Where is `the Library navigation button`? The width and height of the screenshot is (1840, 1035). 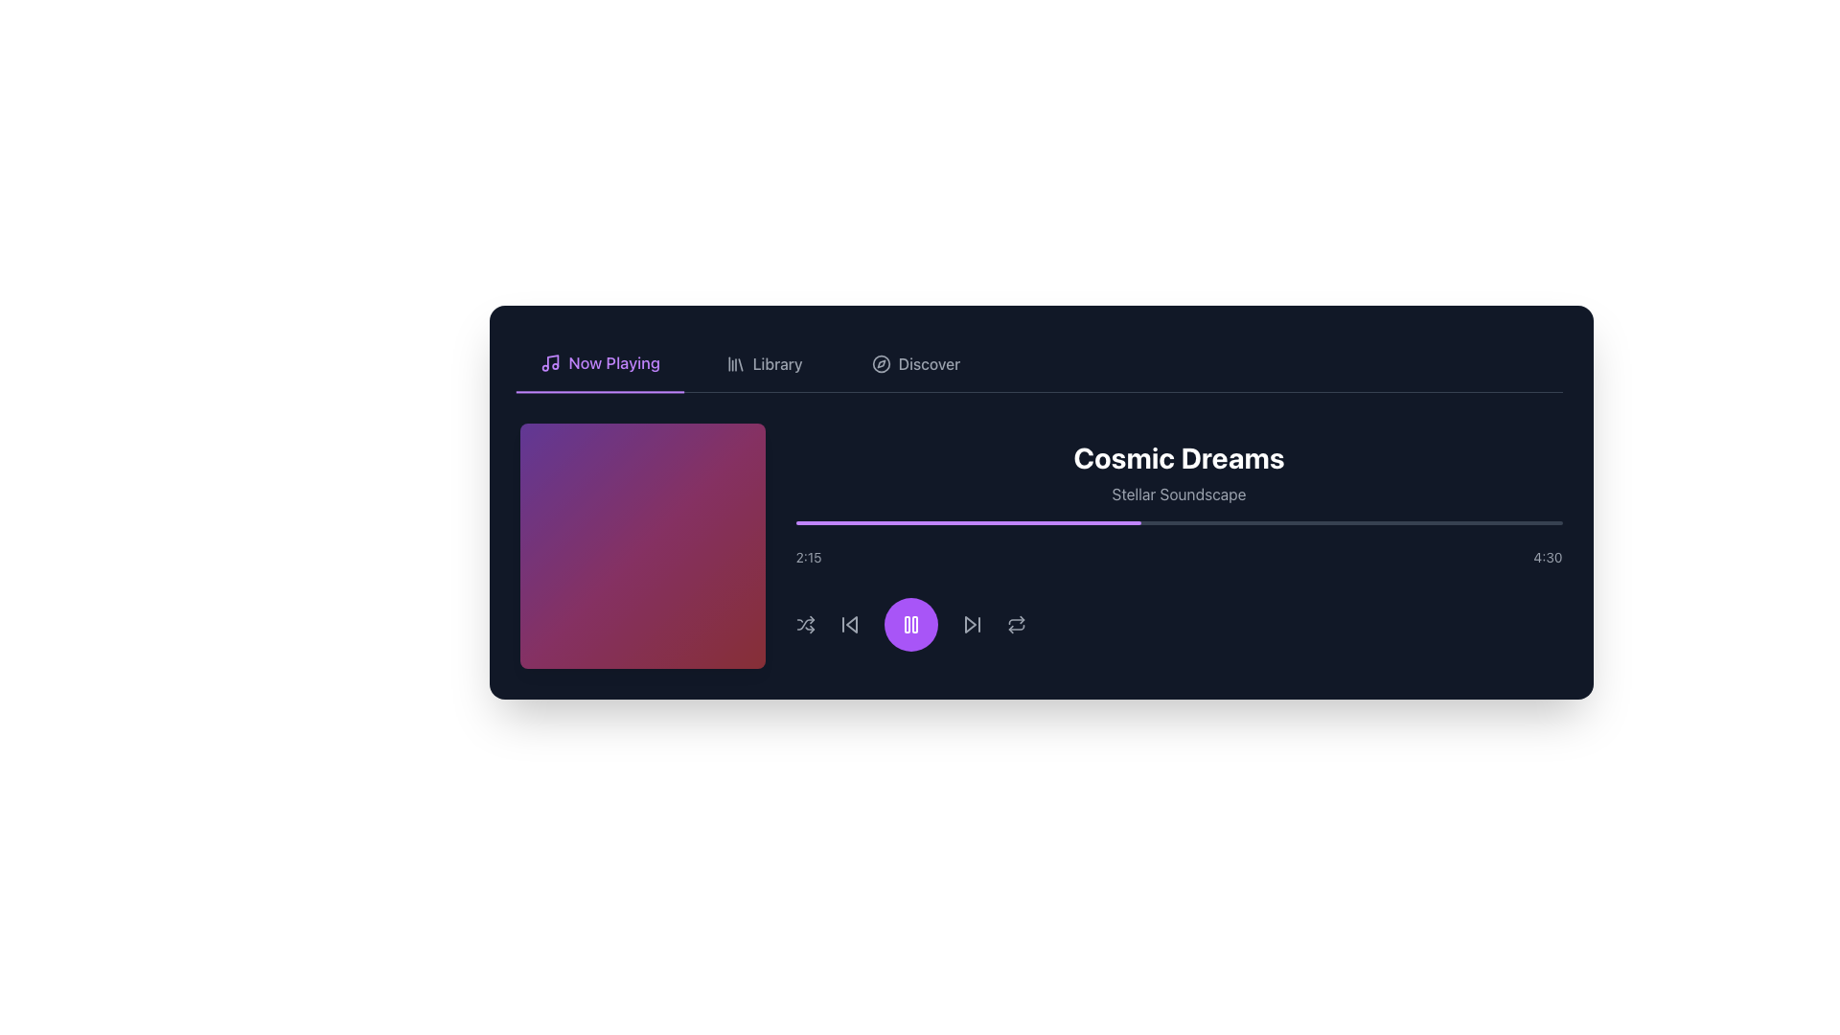 the Library navigation button is located at coordinates (763, 364).